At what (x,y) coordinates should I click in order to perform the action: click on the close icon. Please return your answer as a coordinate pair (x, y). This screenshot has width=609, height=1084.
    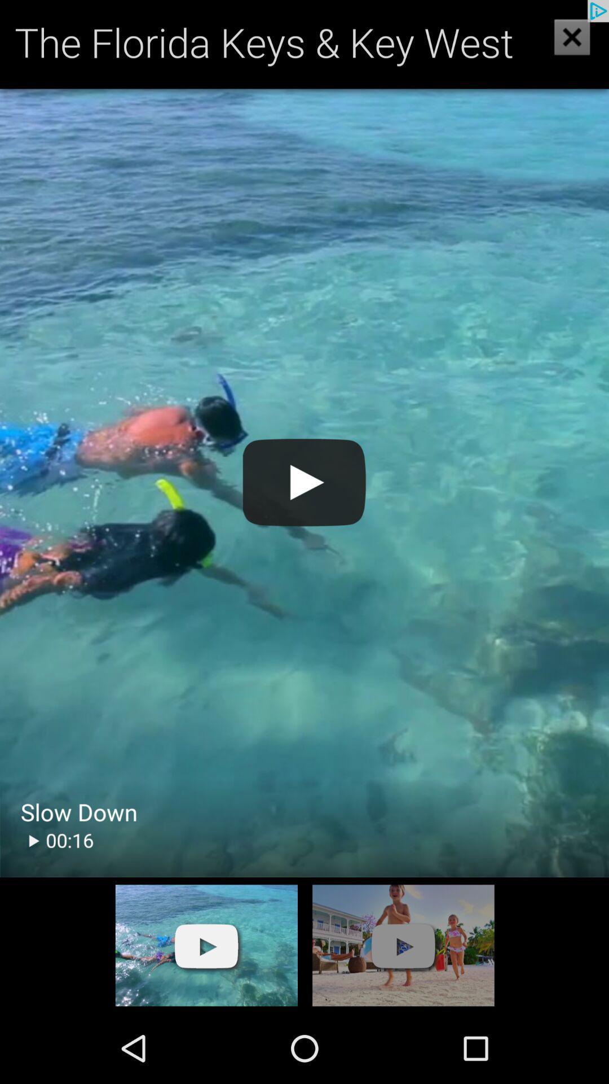
    Looking at the image, I should click on (572, 40).